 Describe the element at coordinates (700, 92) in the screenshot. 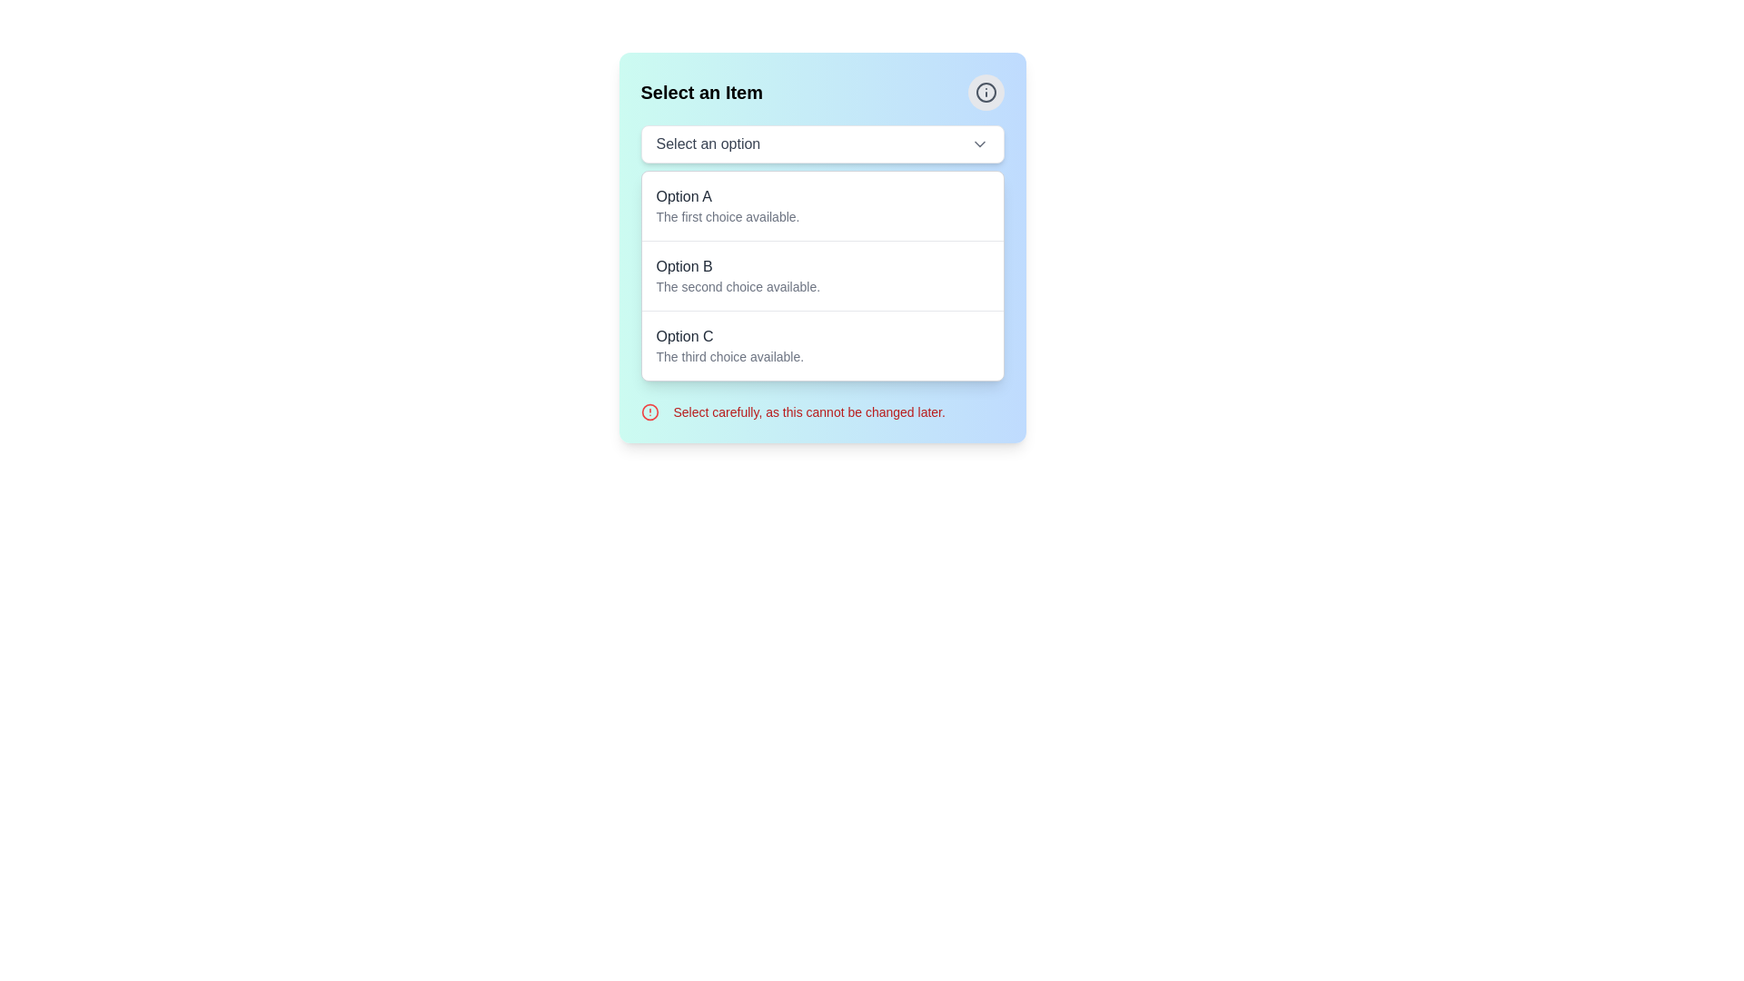

I see `the text label reading 'Select an Item' which is prominently positioned at the top-left of the selection card, styled in bold and larger font size` at that location.